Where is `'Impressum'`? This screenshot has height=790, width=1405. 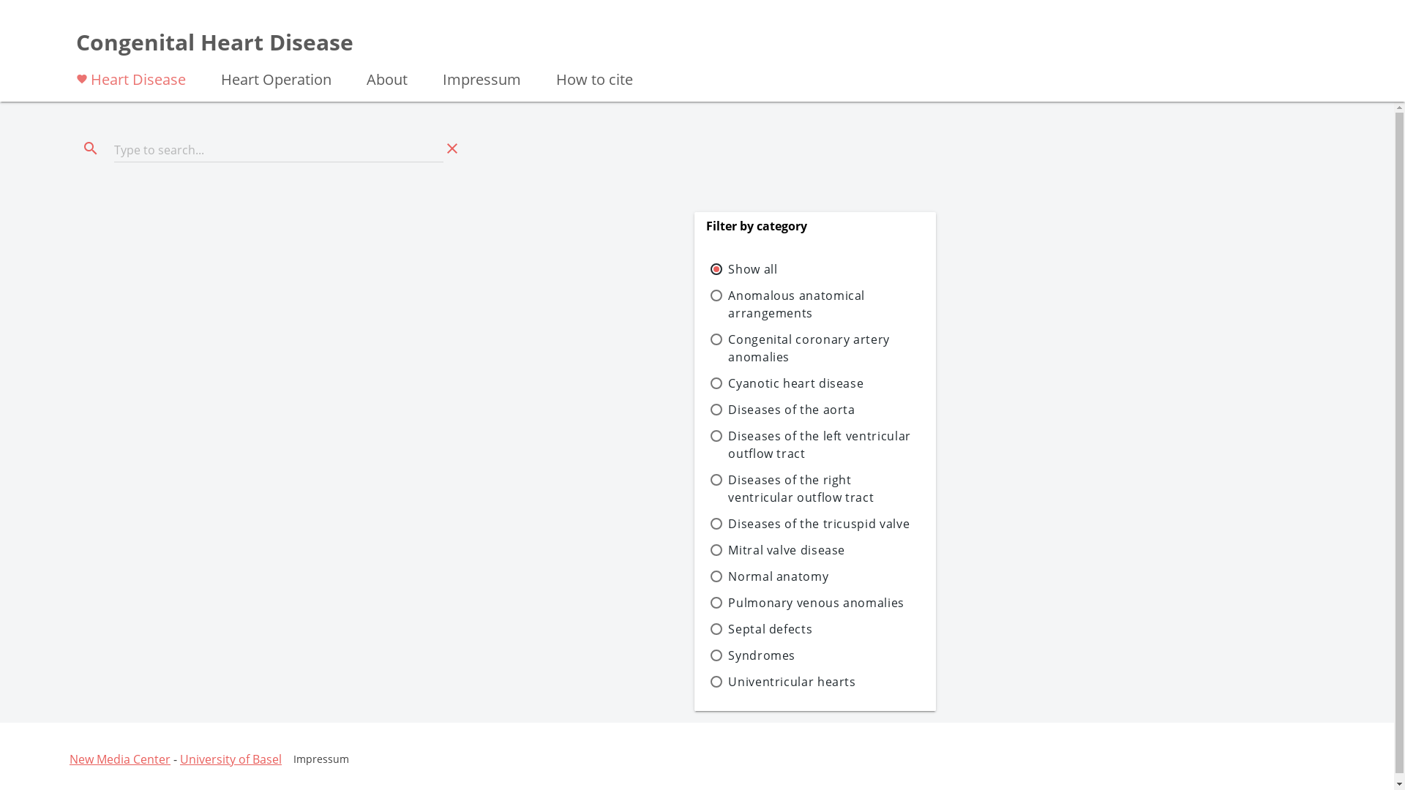 'Impressum' is located at coordinates (424, 78).